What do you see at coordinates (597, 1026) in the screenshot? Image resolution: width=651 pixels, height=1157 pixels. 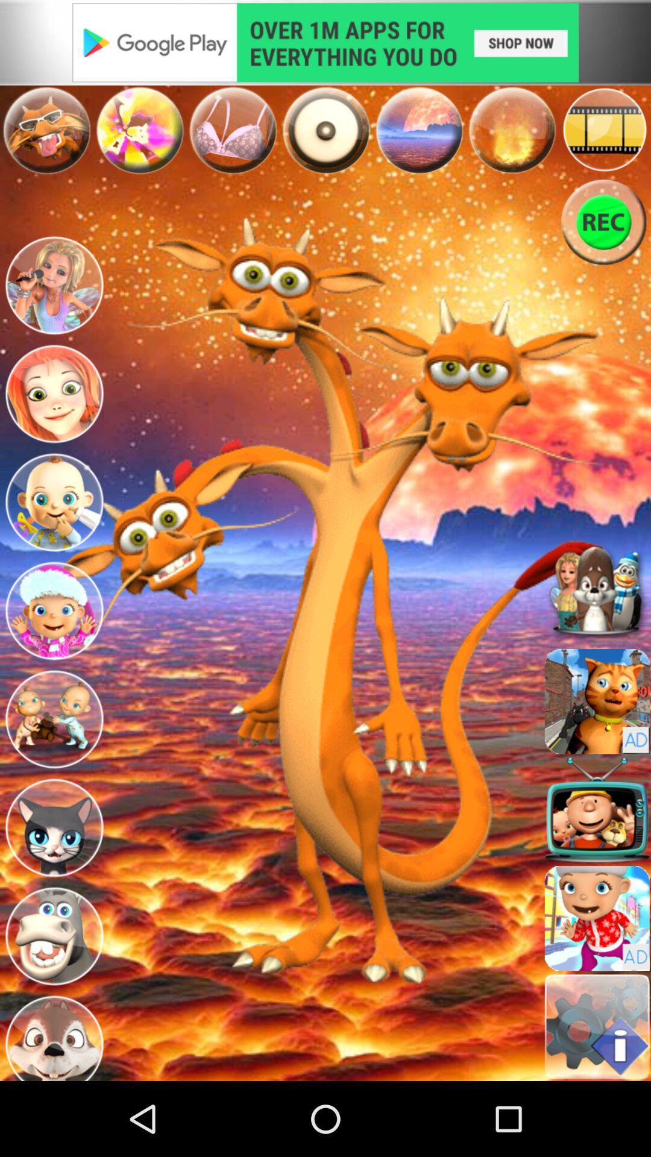 I see `information button` at bounding box center [597, 1026].